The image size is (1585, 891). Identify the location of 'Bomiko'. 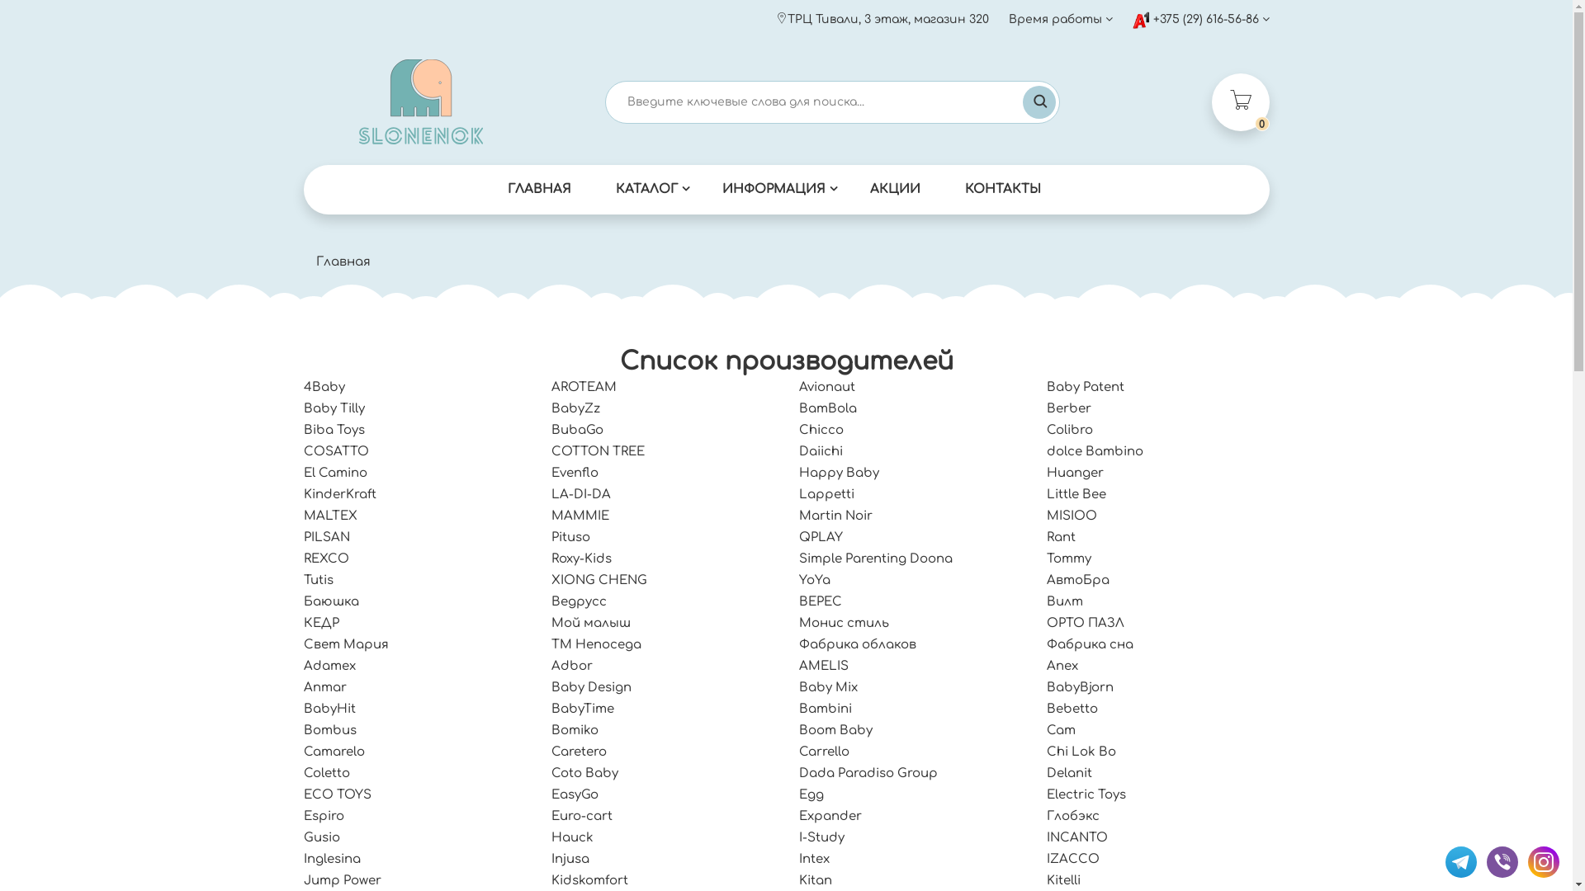
(575, 729).